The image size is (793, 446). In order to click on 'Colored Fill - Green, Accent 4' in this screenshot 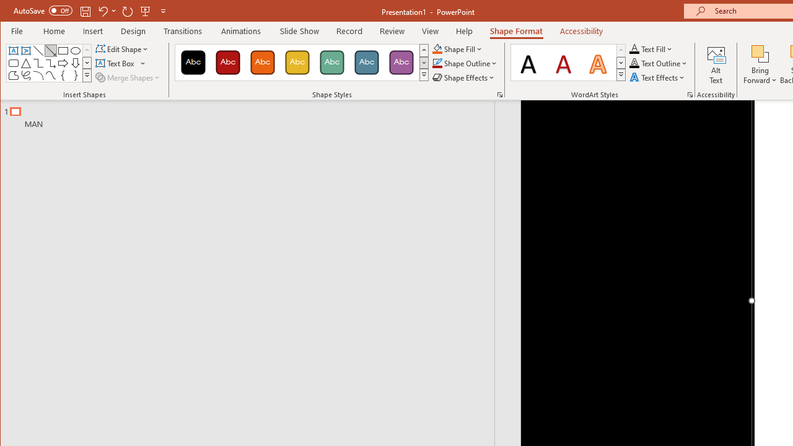, I will do `click(332, 62)`.